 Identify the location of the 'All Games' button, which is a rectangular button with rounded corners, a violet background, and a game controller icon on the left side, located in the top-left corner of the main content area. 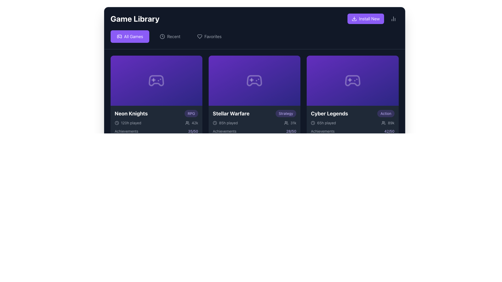
(130, 36).